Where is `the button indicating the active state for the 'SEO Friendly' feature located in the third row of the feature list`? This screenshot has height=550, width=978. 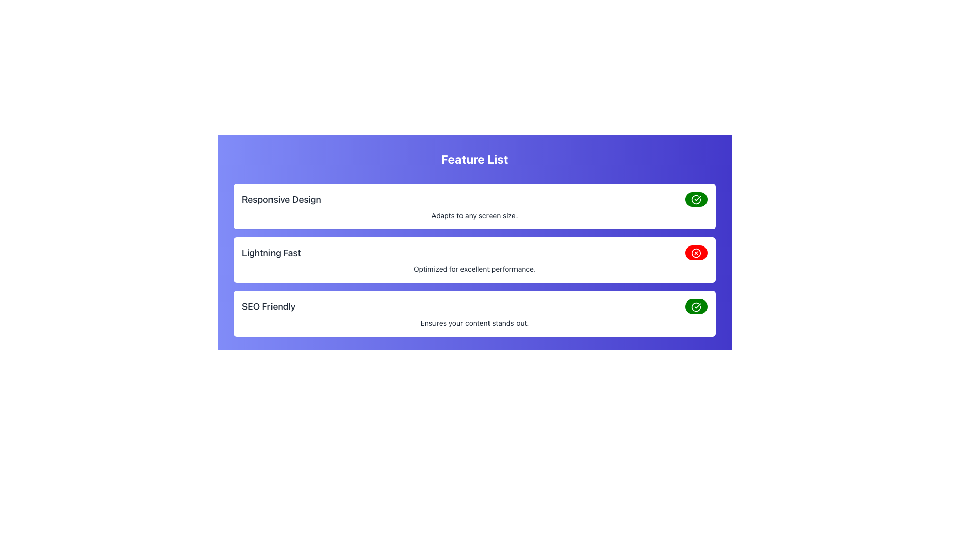 the button indicating the active state for the 'SEO Friendly' feature located in the third row of the feature list is located at coordinates (696, 306).